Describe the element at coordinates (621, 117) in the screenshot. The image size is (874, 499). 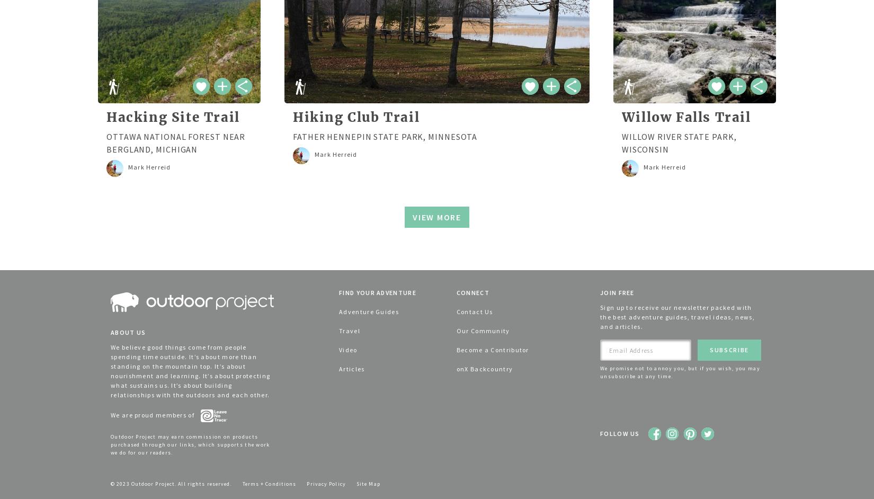
I see `'Willow Falls Trail'` at that location.